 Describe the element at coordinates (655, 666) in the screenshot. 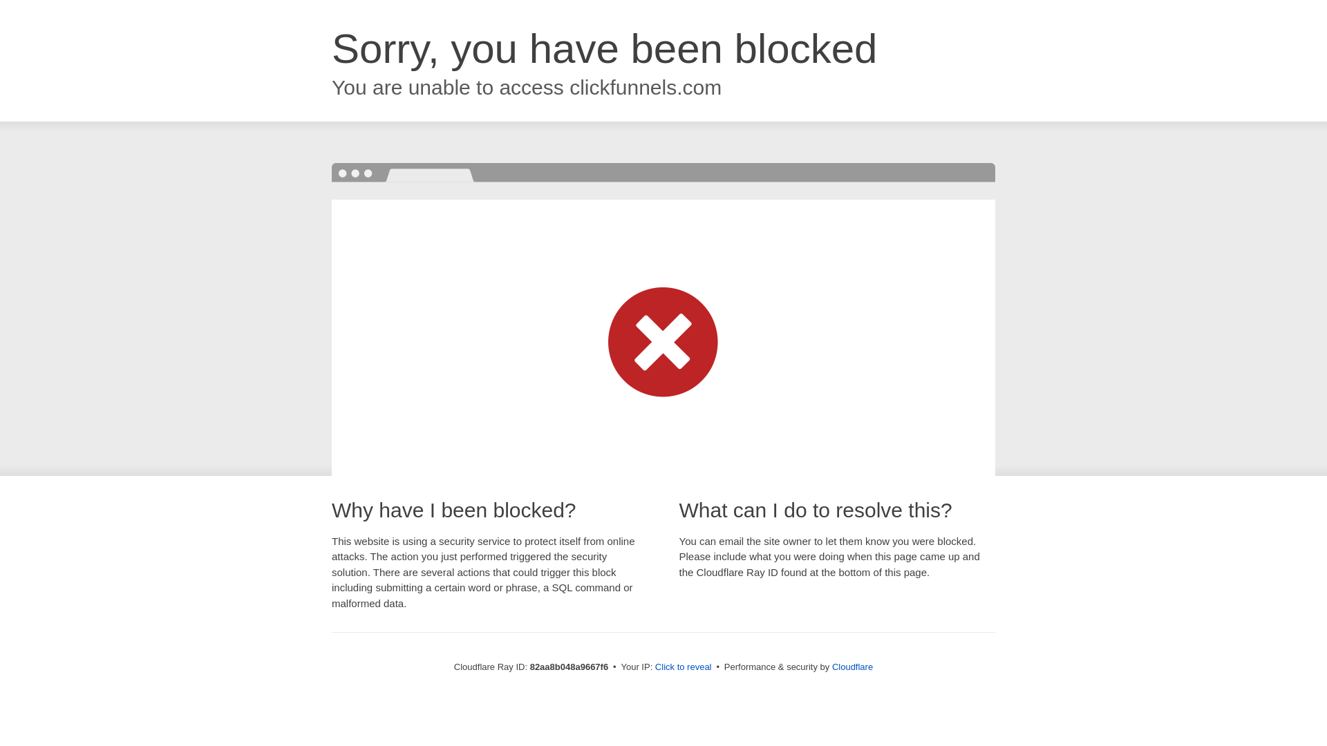

I see `'Click to reveal'` at that location.